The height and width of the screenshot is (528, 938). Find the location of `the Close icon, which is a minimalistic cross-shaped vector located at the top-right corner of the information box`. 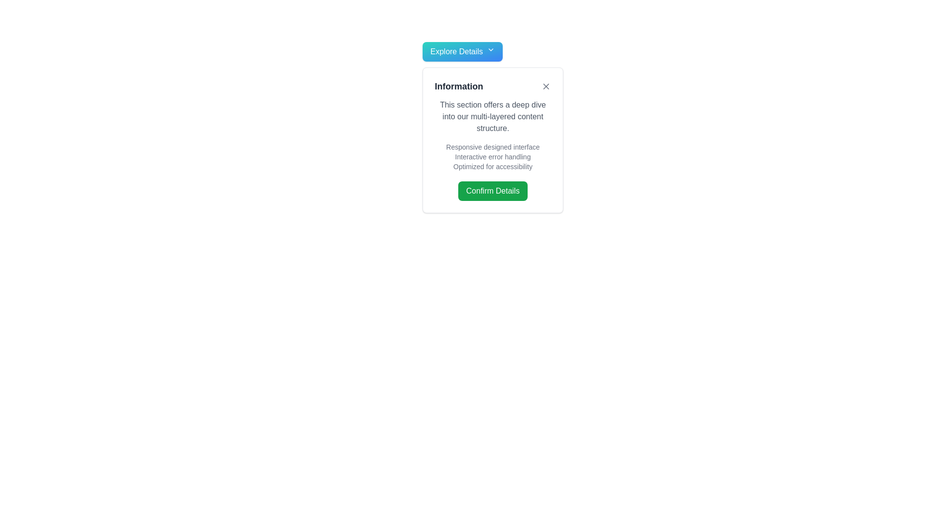

the Close icon, which is a minimalistic cross-shaped vector located at the top-right corner of the information box is located at coordinates (546, 86).